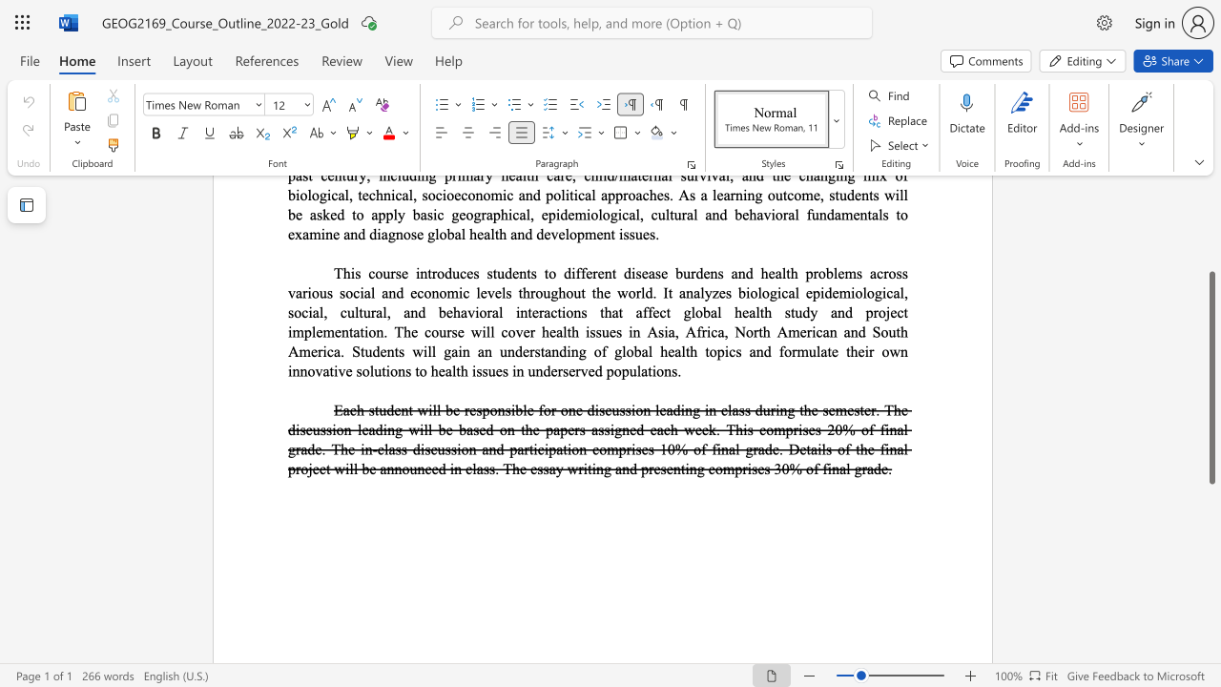 Image resolution: width=1221 pixels, height=687 pixels. What do you see at coordinates (1211, 378) in the screenshot?
I see `the scrollbar and move down 290 pixels` at bounding box center [1211, 378].